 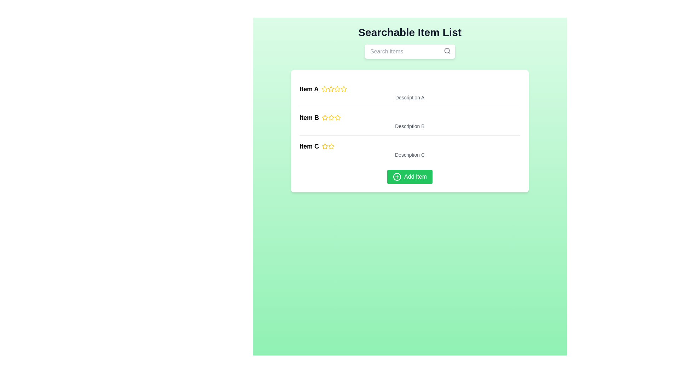 What do you see at coordinates (410, 126) in the screenshot?
I see `the static text label providing additional details about 'Item B', positioned below its heading and rating section in the vertically structured list` at bounding box center [410, 126].